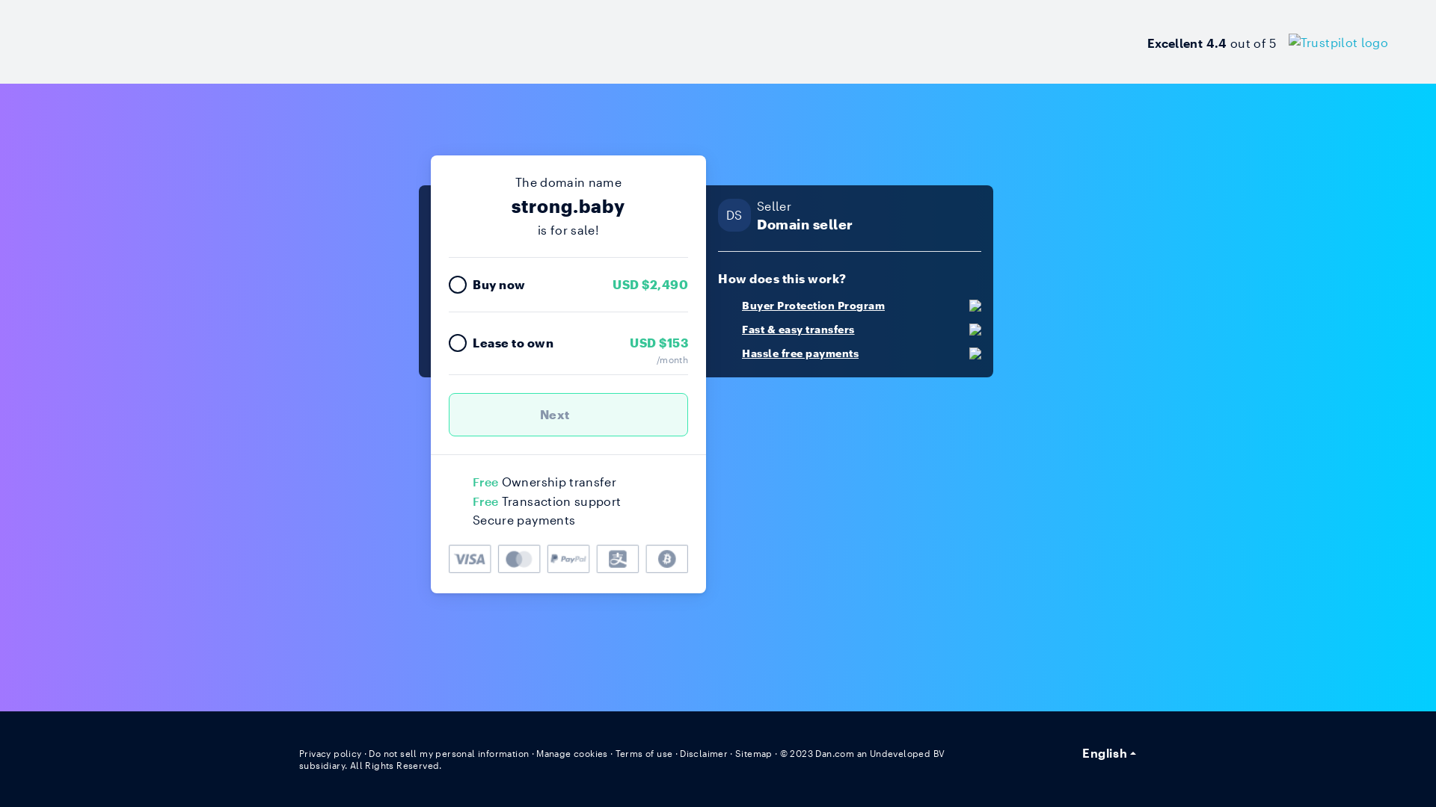 The image size is (1436, 807). What do you see at coordinates (1109, 752) in the screenshot?
I see `'English'` at bounding box center [1109, 752].